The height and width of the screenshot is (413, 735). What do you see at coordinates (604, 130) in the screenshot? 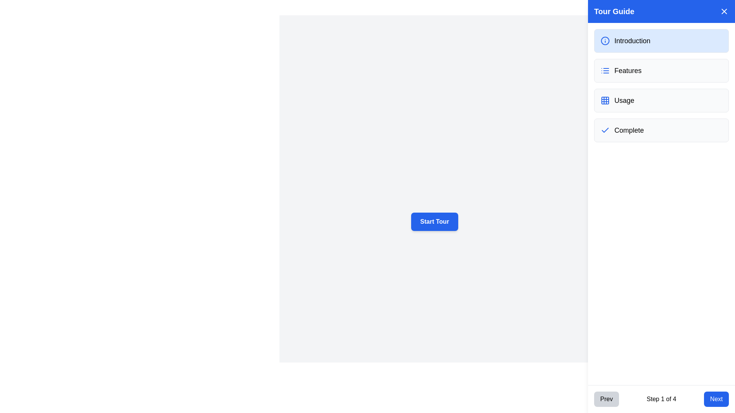
I see `the small blue checkmark icon within the fourth menu item labeled 'Complete' in the 'Tour Guide' sidebar` at bounding box center [604, 130].